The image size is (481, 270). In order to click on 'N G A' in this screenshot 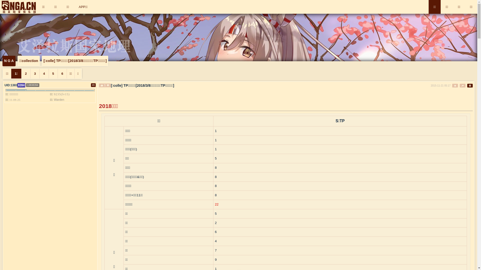, I will do `click(9, 60)`.